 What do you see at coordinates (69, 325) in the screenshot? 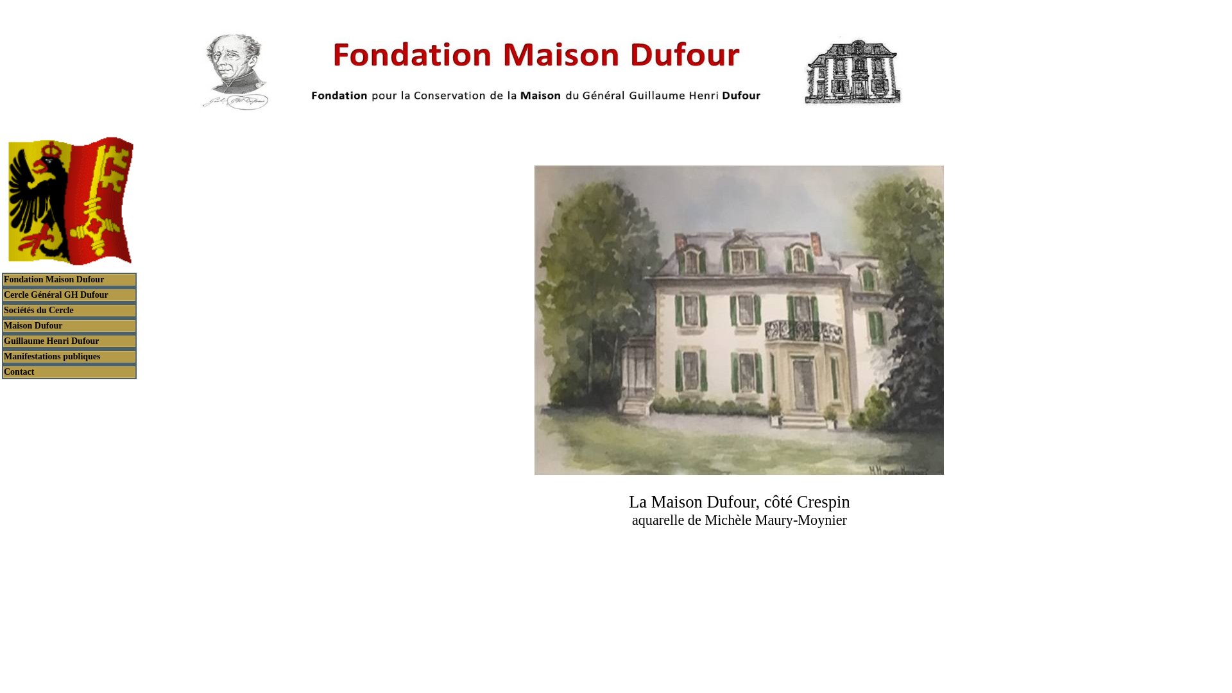
I see `'Maison Dufour'` at bounding box center [69, 325].